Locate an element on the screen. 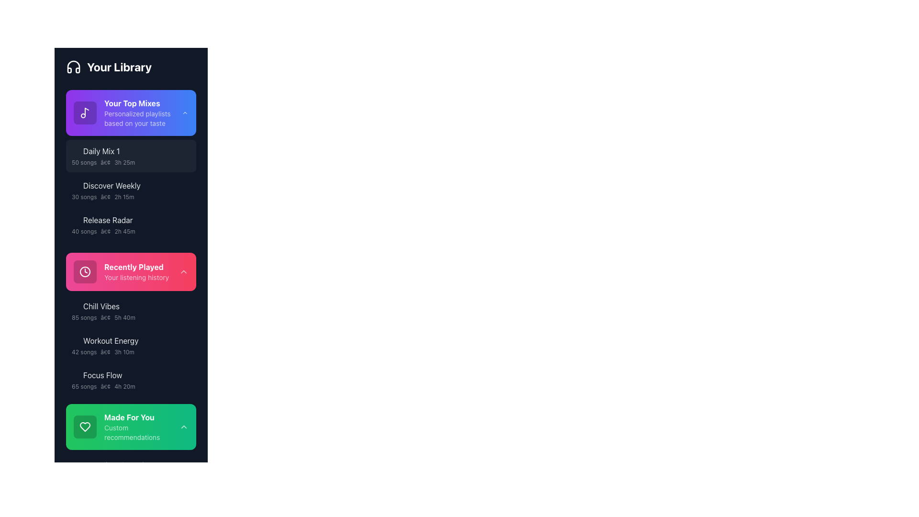  text label displaying the duration "4h 20m" located at the bottom-center of the playlist details for "Focus Flow." is located at coordinates (124, 386).